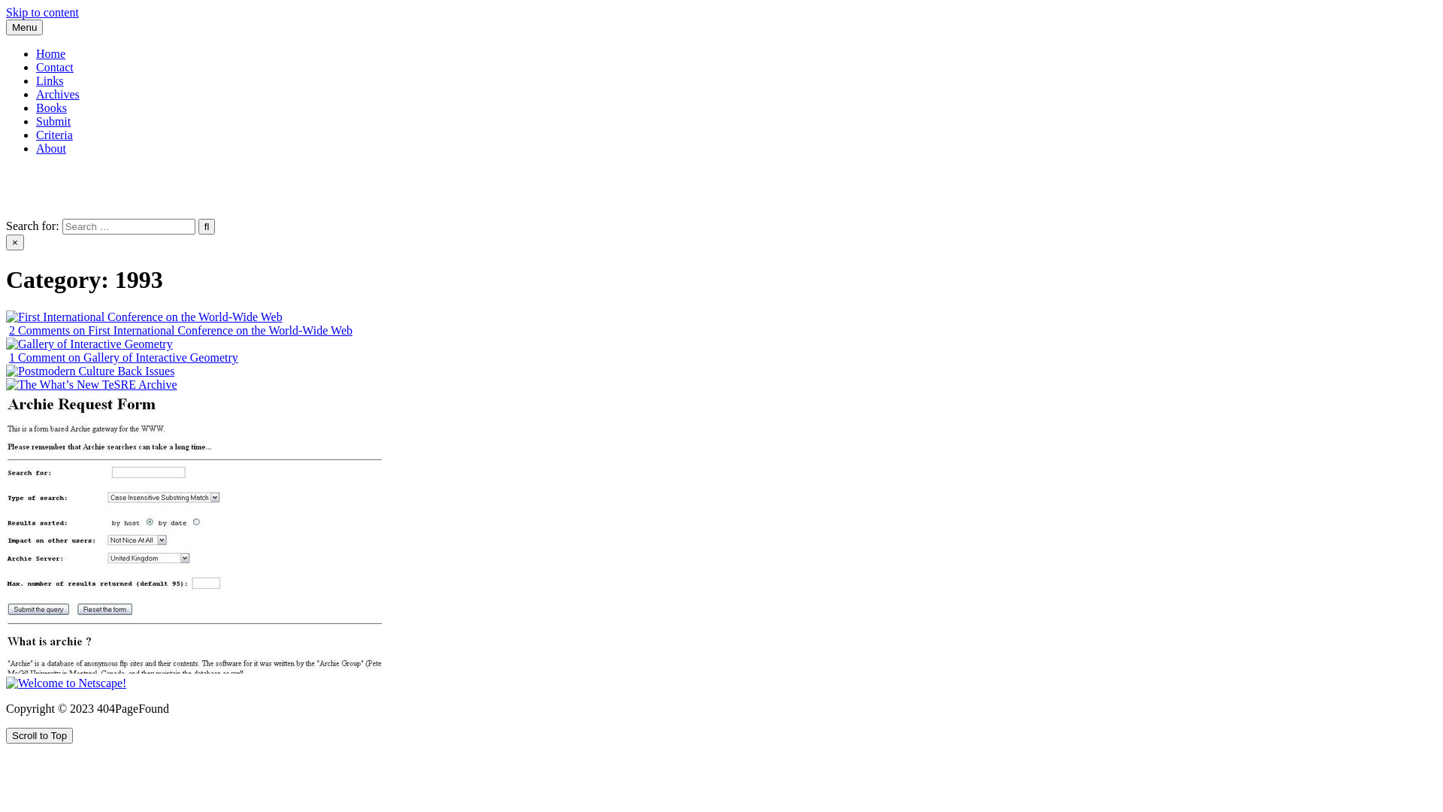 This screenshot has height=812, width=1443. I want to click on 'Contact', so click(54, 66).